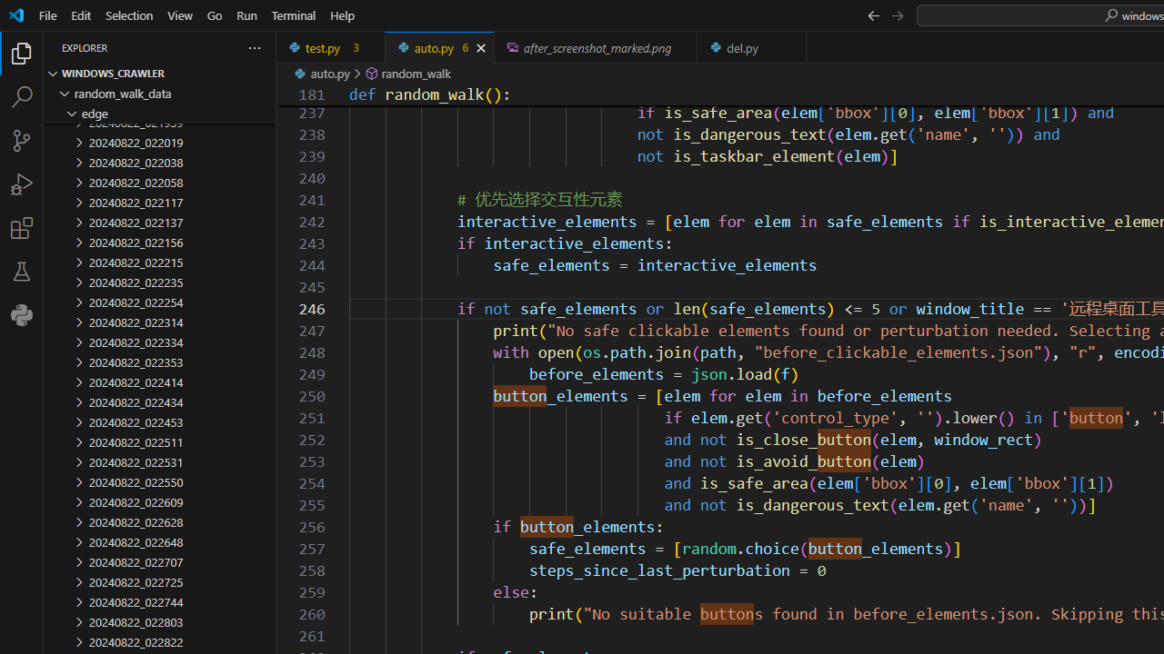  I want to click on 'Views and More Actions...', so click(253, 46).